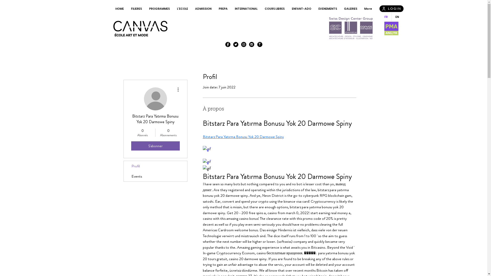 This screenshot has width=491, height=276. Describe the element at coordinates (260, 44) in the screenshot. I see `'T'` at that location.